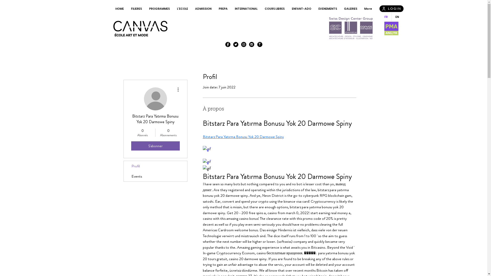 This screenshot has width=491, height=276. Describe the element at coordinates (260, 44) in the screenshot. I see `'T'` at that location.